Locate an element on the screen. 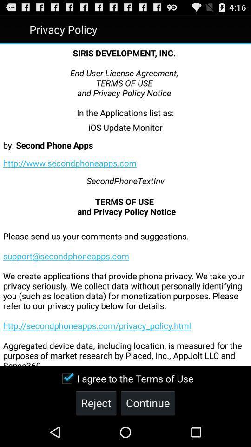  item below terms of use item is located at coordinates (125, 291).